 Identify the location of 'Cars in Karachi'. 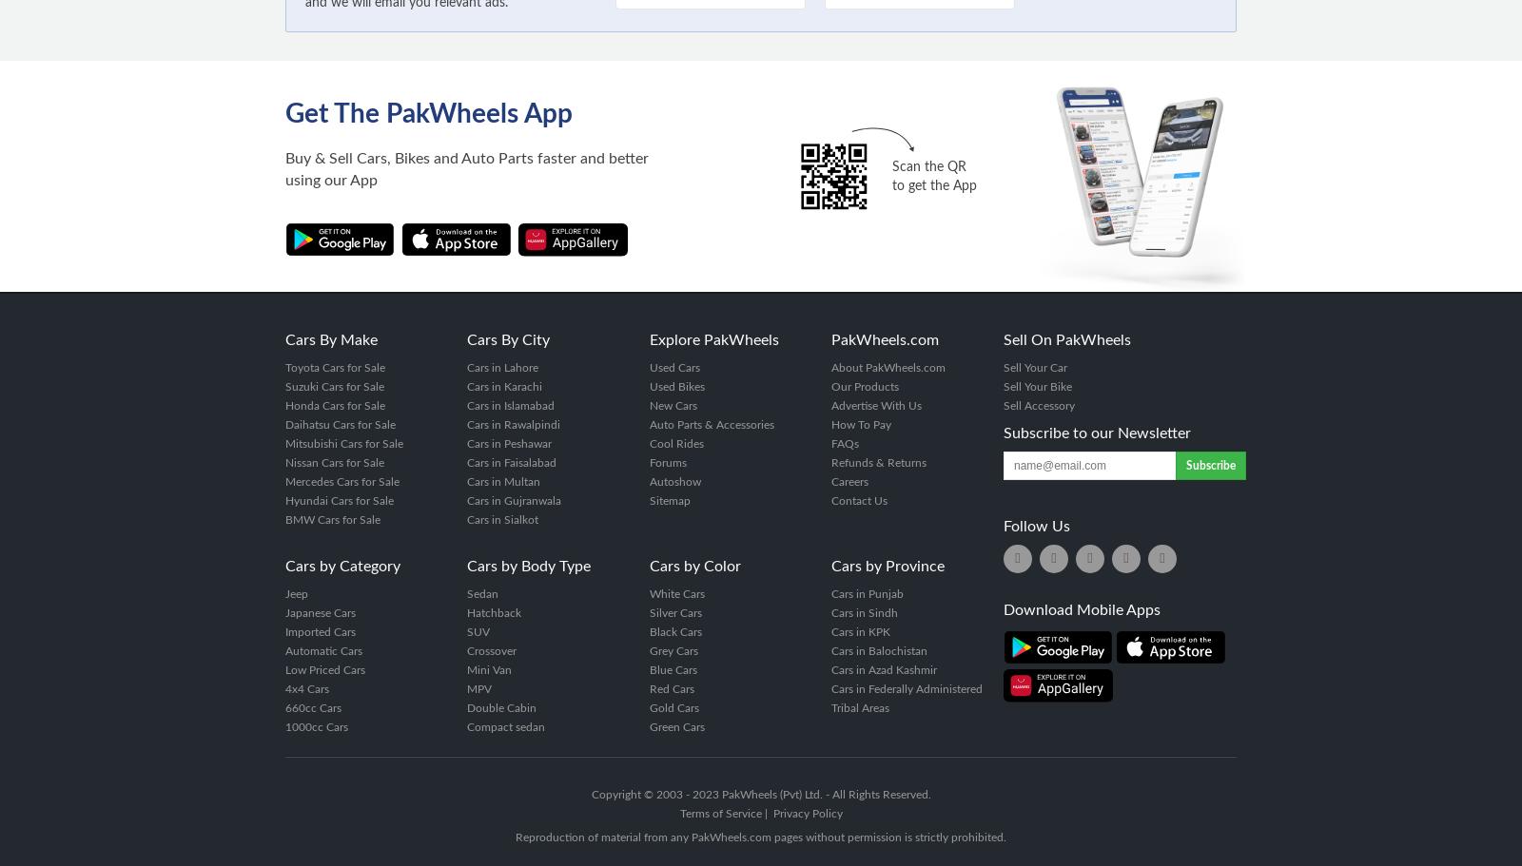
(503, 385).